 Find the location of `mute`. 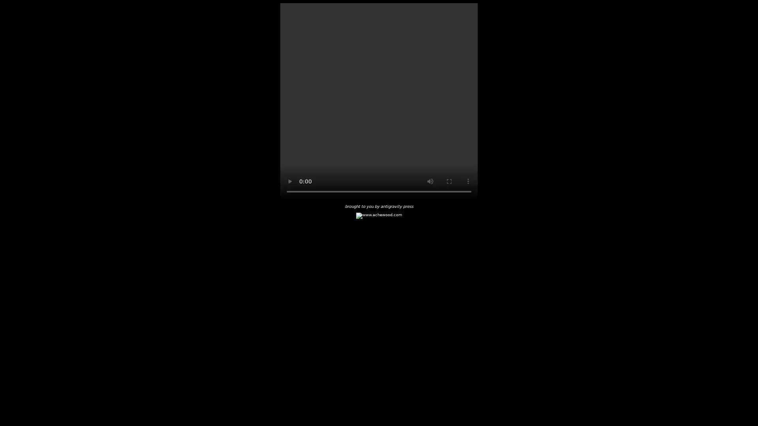

mute is located at coordinates (430, 181).